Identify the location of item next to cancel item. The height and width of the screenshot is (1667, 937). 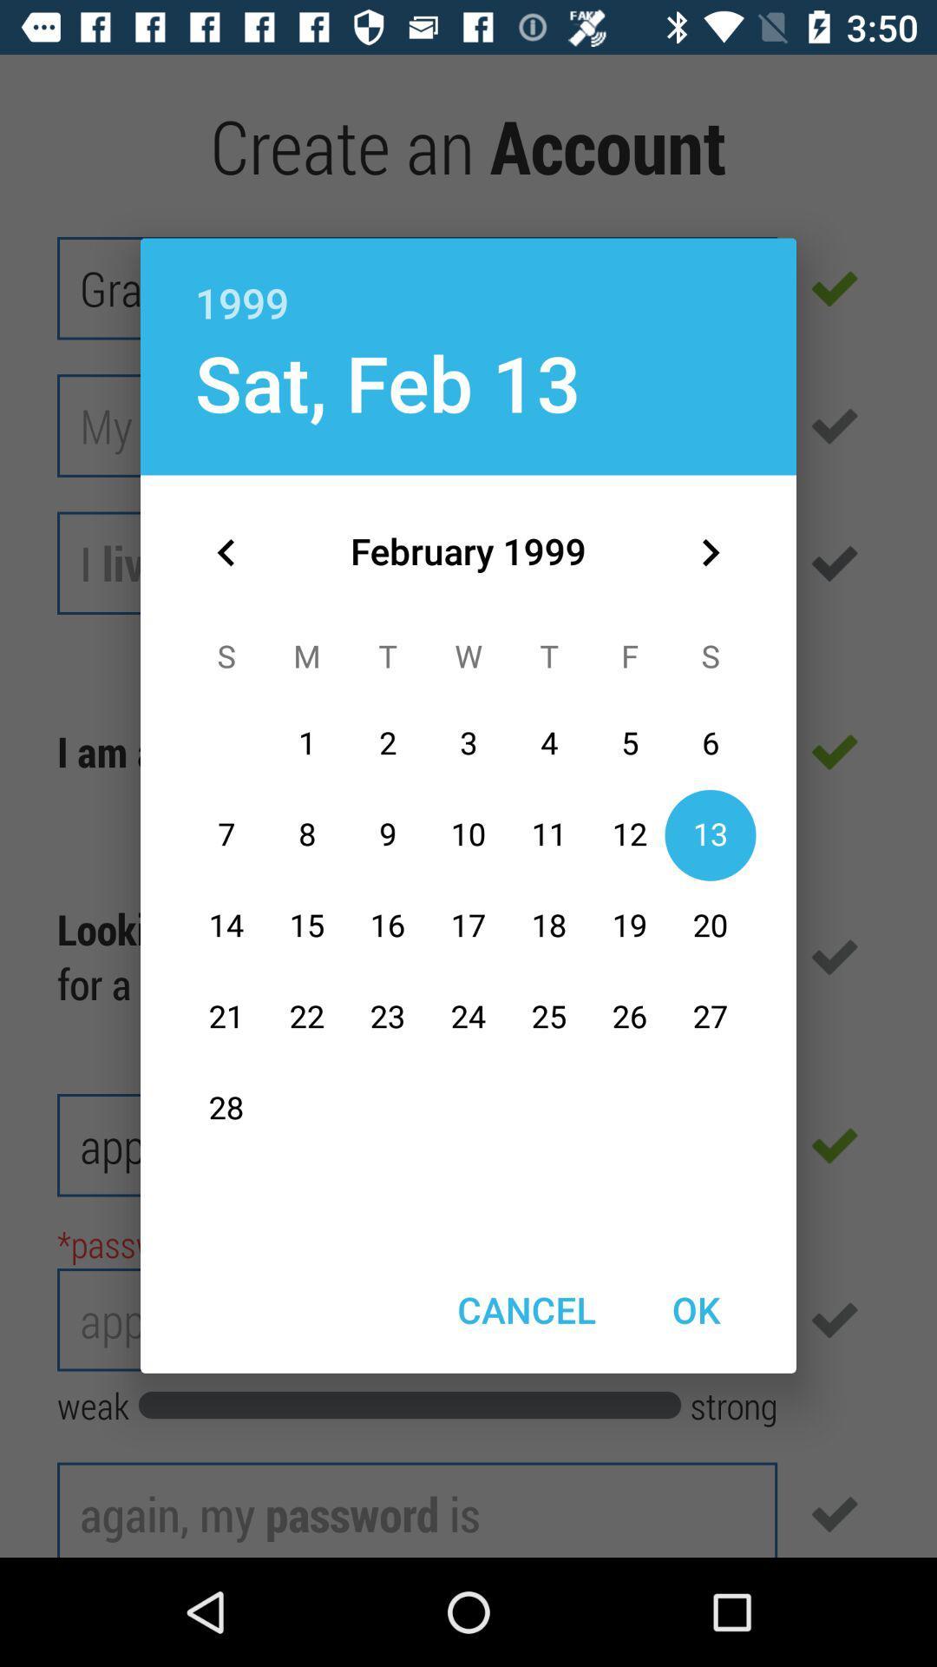
(695, 1309).